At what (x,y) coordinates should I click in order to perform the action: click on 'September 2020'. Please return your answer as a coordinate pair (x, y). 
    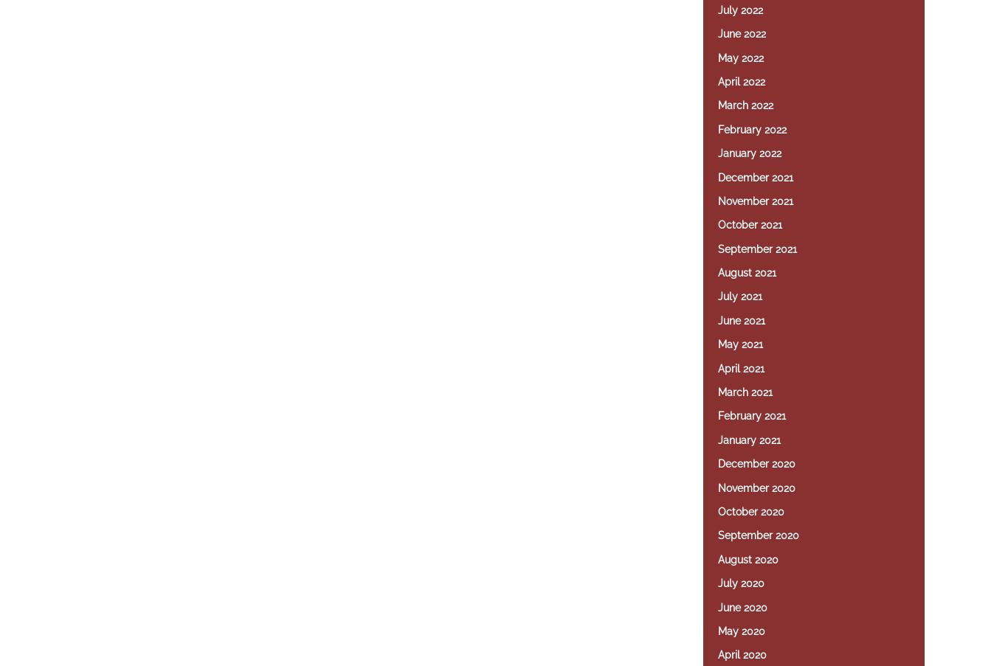
    Looking at the image, I should click on (758, 535).